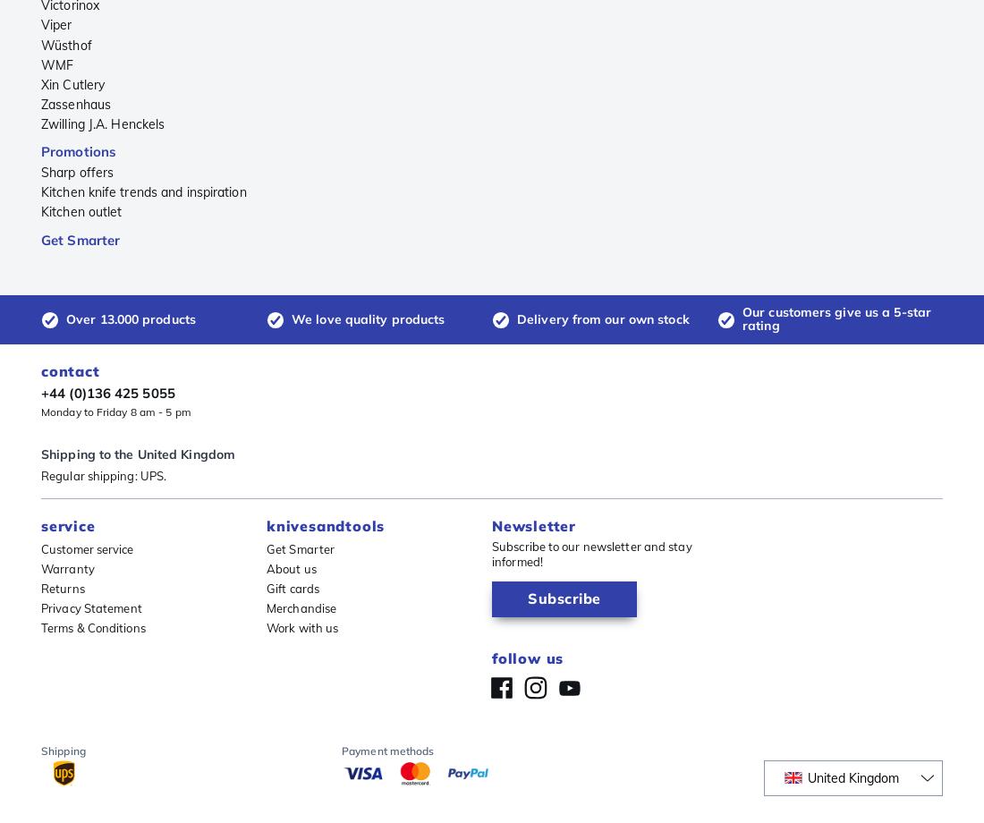 Image resolution: width=984 pixels, height=823 pixels. I want to click on 'WMF', so click(56, 64).